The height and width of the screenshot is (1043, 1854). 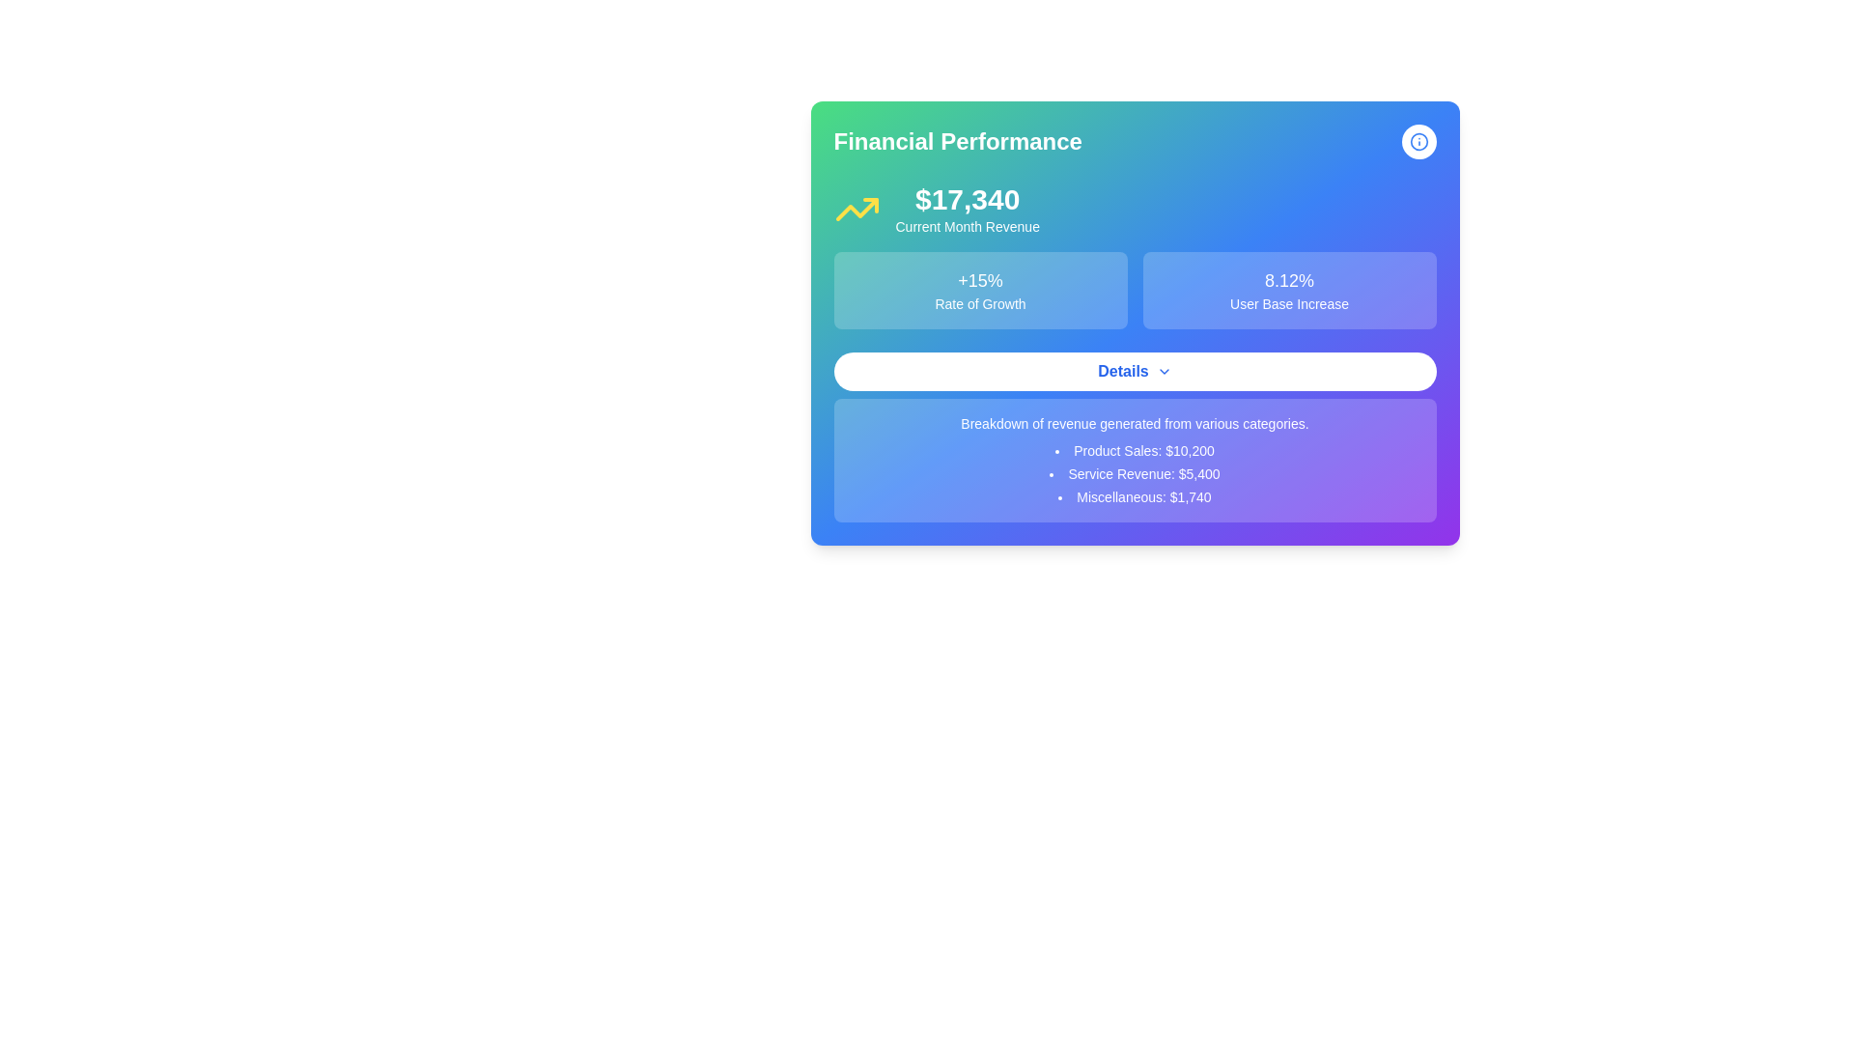 I want to click on the static text element displaying the percentage statistic '15%', which is styled as a header and located in the top center of the interface within a rectangular card, so click(x=980, y=280).